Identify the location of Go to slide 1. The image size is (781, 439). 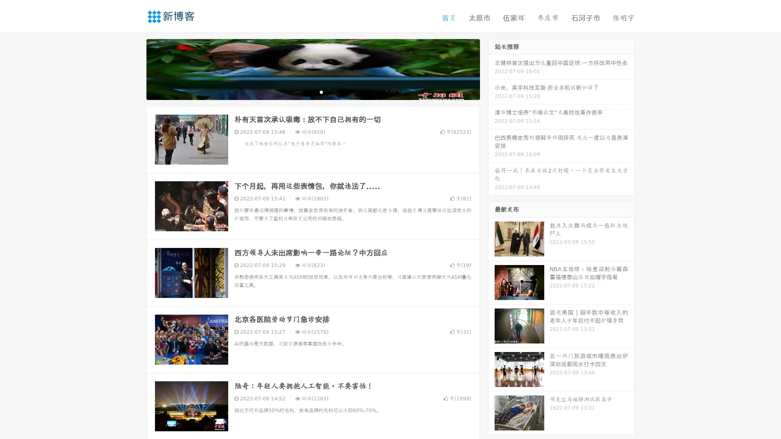
(304, 91).